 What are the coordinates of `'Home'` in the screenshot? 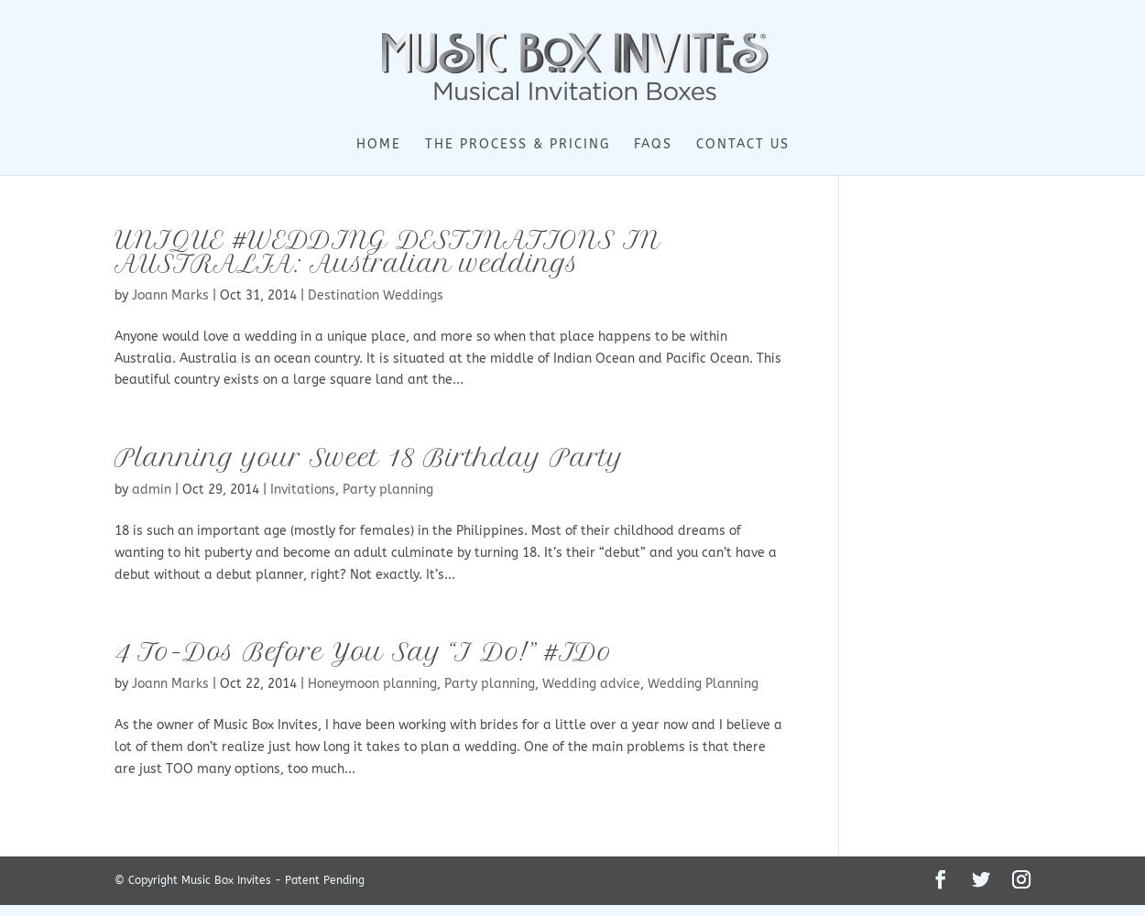 It's located at (355, 144).